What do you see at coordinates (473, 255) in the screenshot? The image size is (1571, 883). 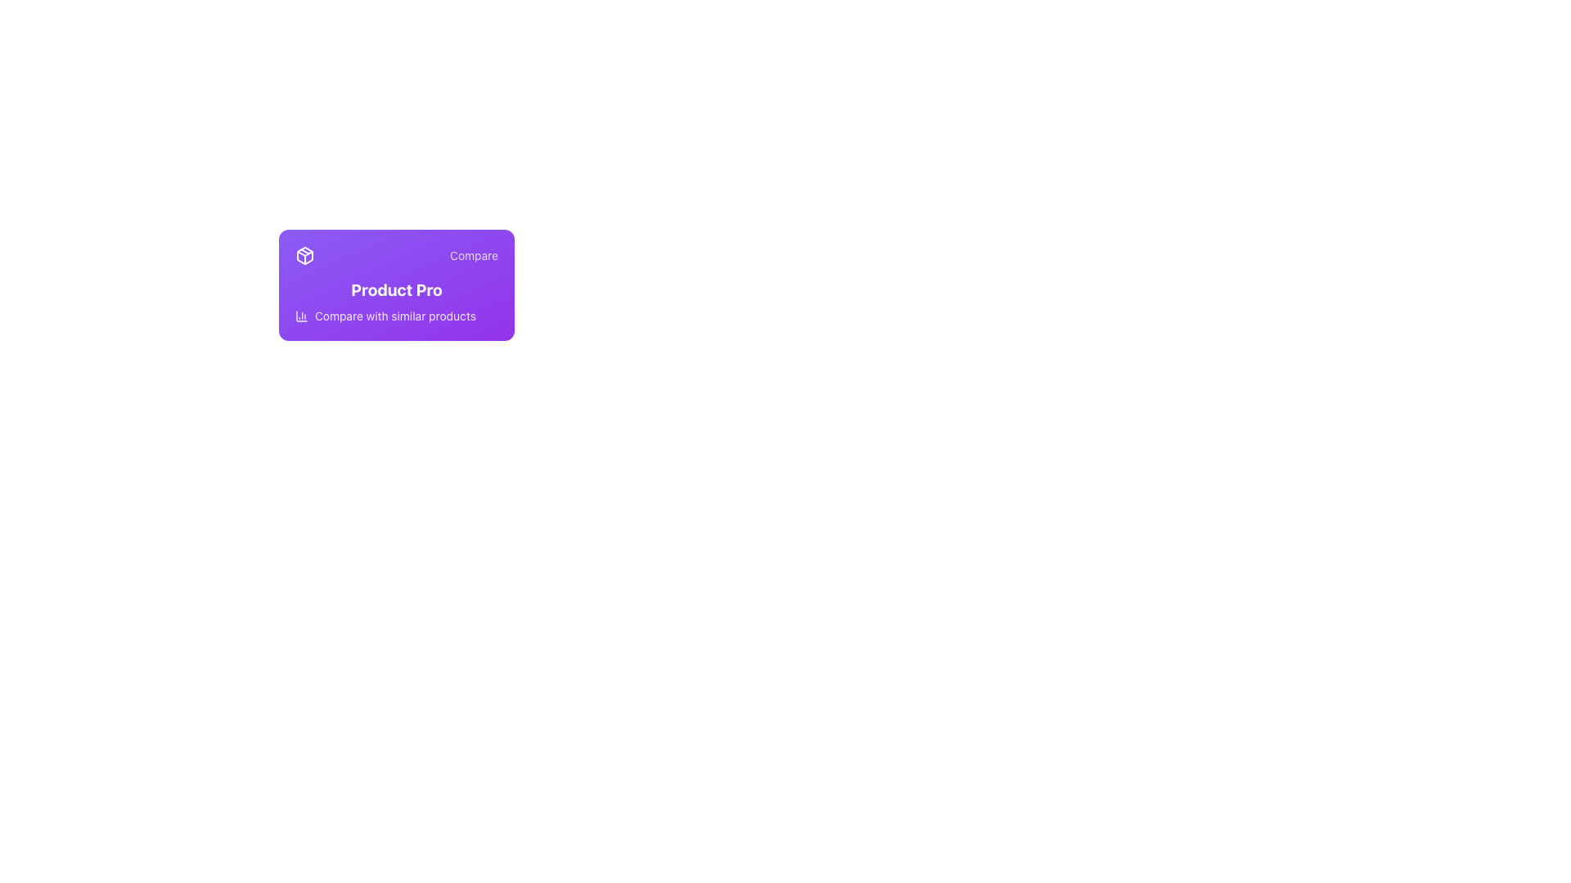 I see `the descriptive text label located at the top-right area of the card-like UI block, which has a white background and purple theme, positioned above the main heading and descriptive text line` at bounding box center [473, 255].